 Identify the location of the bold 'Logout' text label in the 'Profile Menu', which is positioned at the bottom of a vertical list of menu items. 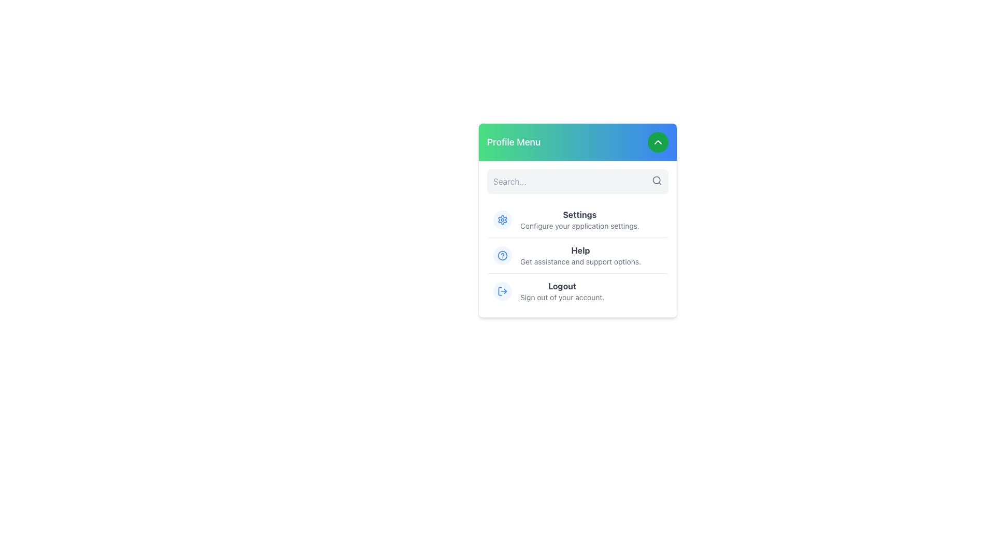
(562, 286).